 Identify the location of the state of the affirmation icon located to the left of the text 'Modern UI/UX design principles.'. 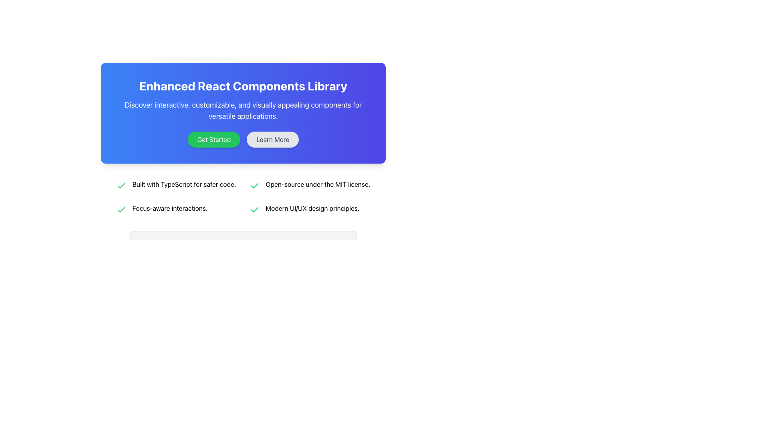
(254, 209).